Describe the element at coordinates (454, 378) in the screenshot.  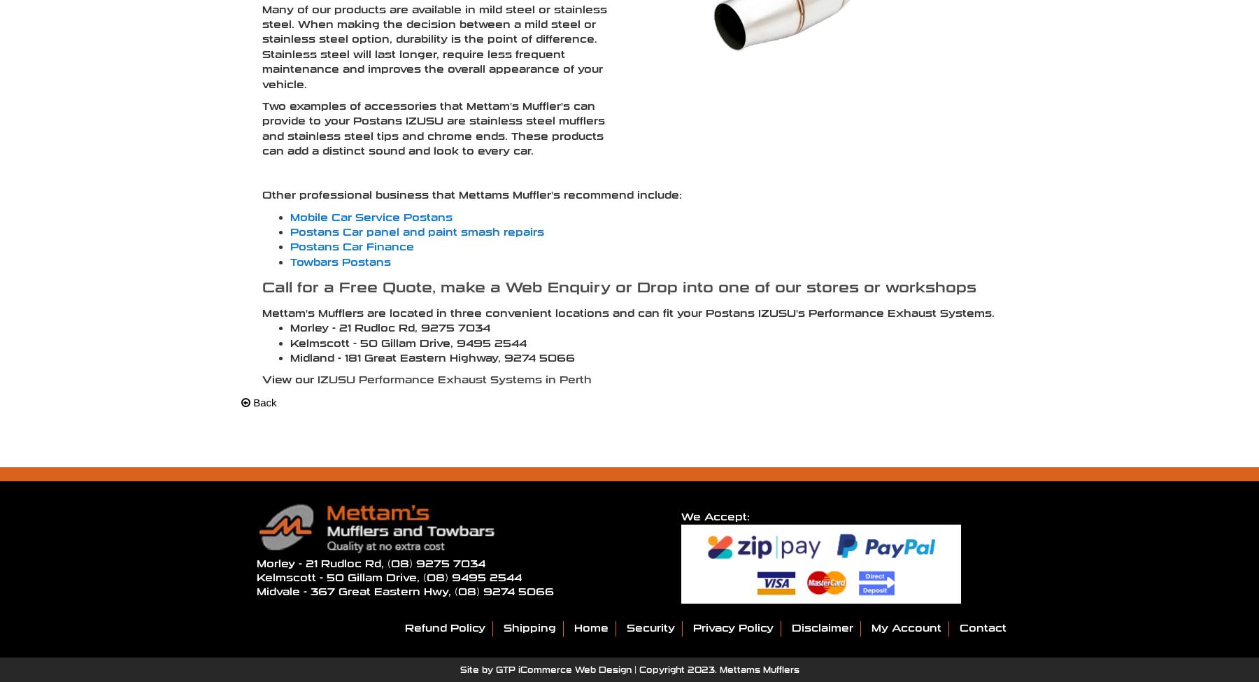
I see `'IZUSU Performance Exhaust Systems in Perth'` at that location.